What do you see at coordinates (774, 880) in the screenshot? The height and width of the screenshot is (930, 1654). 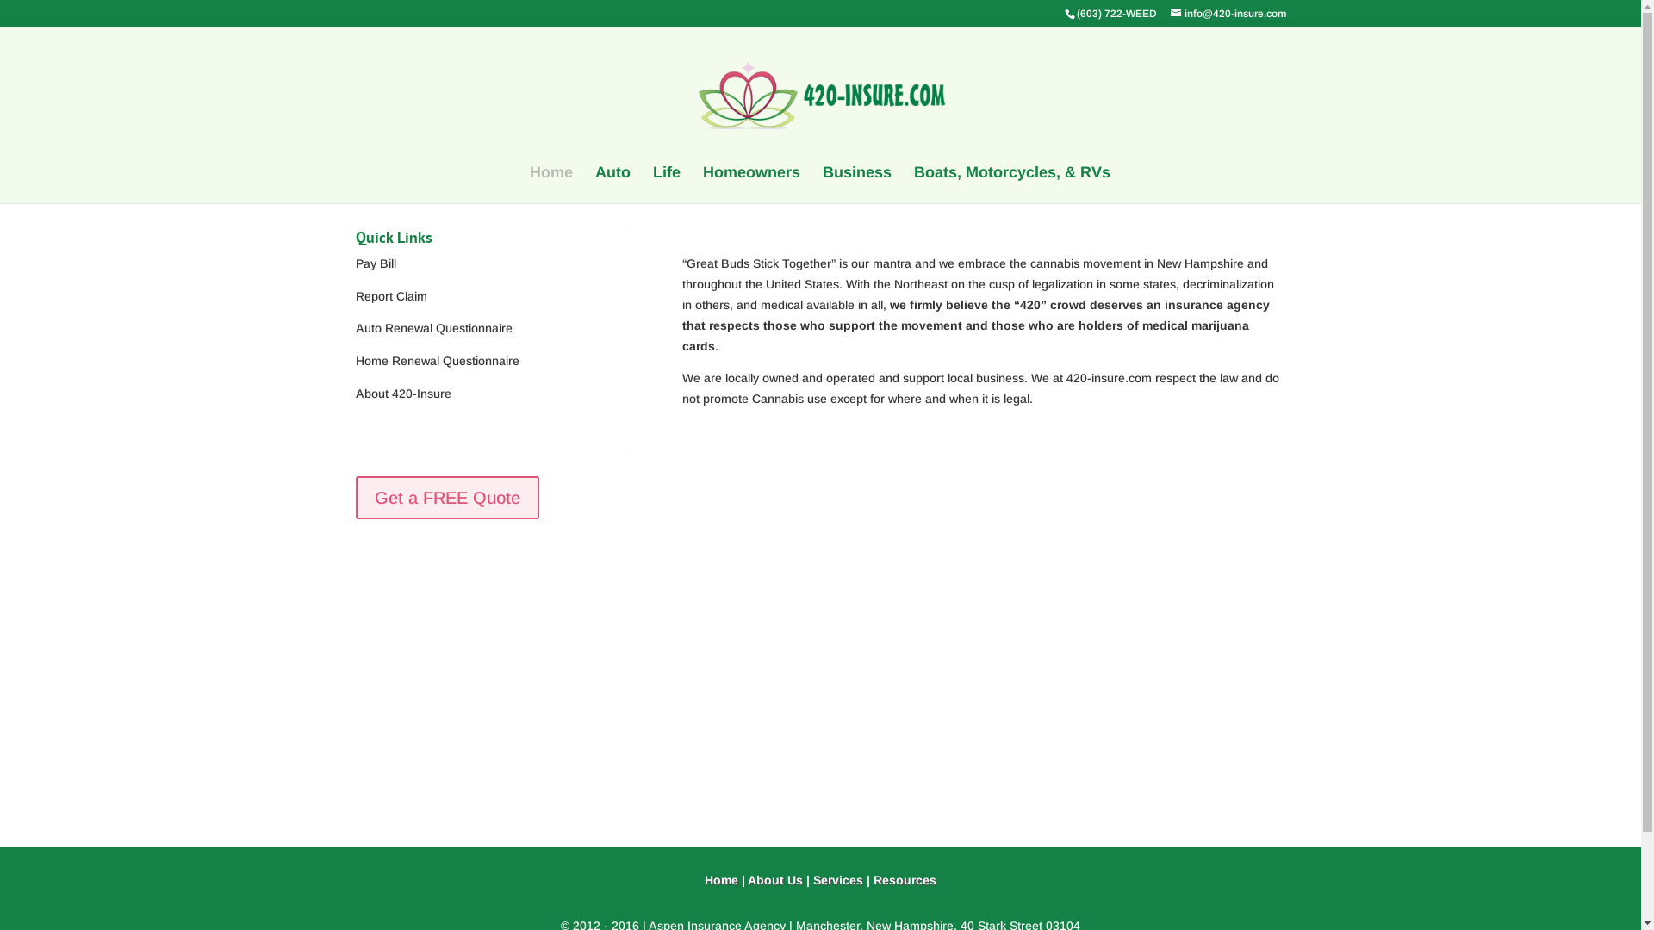 I see `'About Us'` at bounding box center [774, 880].